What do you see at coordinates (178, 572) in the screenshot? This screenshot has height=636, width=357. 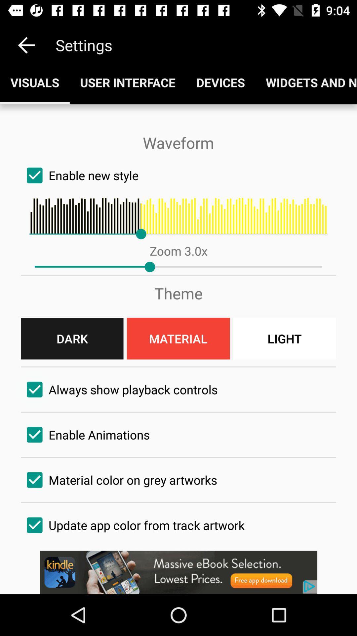 I see `advertisements banner` at bounding box center [178, 572].